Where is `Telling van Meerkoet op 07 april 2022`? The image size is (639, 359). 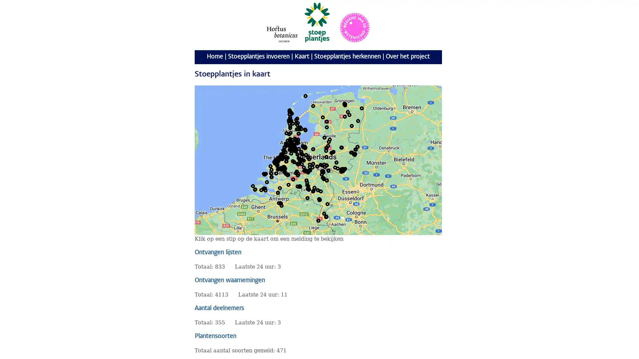 Telling van Meerkoet op 07 april 2022 is located at coordinates (290, 128).